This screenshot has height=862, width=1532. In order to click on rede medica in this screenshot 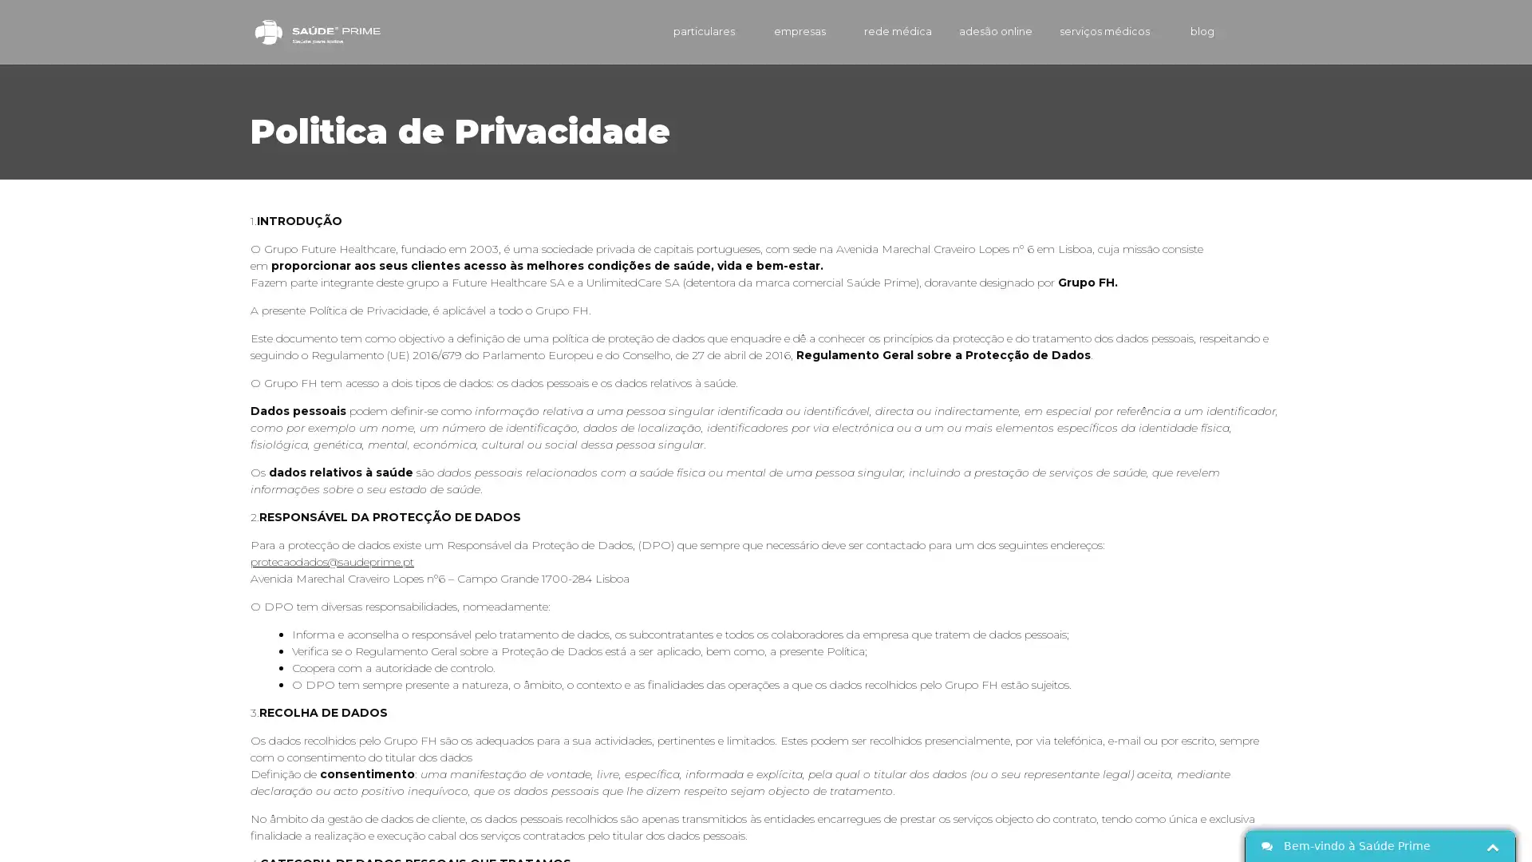, I will do `click(873, 31)`.